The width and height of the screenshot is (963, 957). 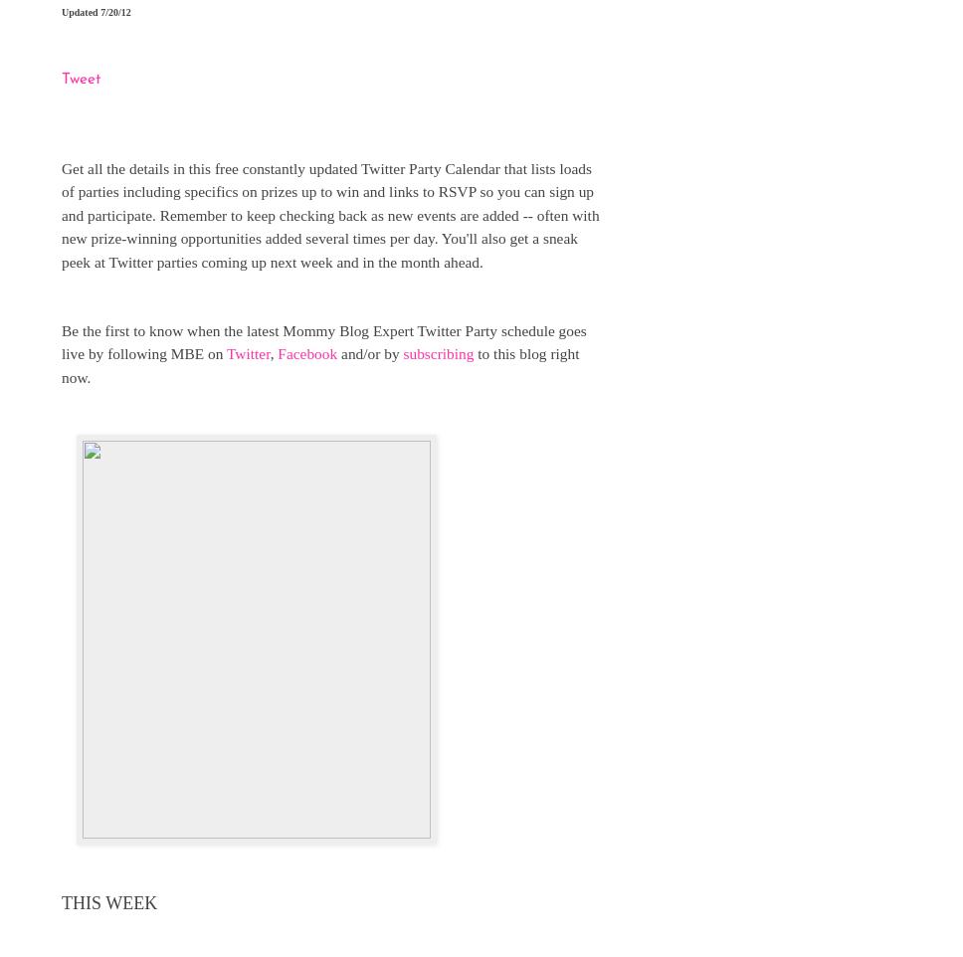 I want to click on 'Twitter', so click(x=225, y=353).